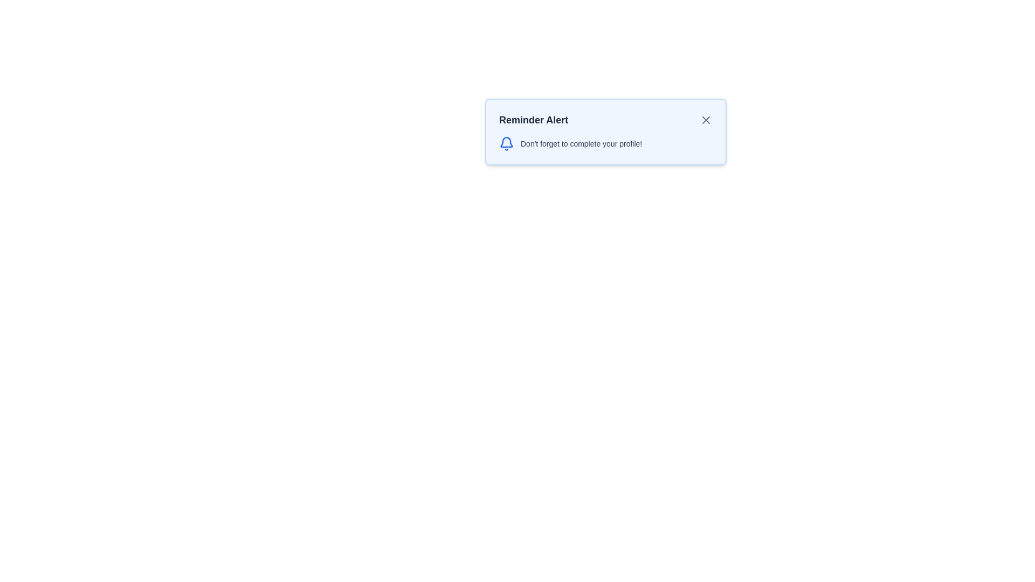 The height and width of the screenshot is (582, 1035). What do you see at coordinates (534, 120) in the screenshot?
I see `text label located at the top-left corner of the notification card, which serves as a header or title for the card` at bounding box center [534, 120].